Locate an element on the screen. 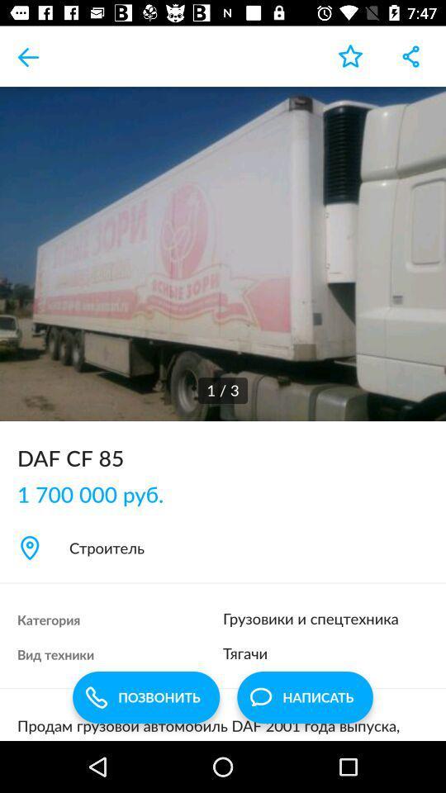 Image resolution: width=446 pixels, height=793 pixels. the item on the left is located at coordinates (99, 494).